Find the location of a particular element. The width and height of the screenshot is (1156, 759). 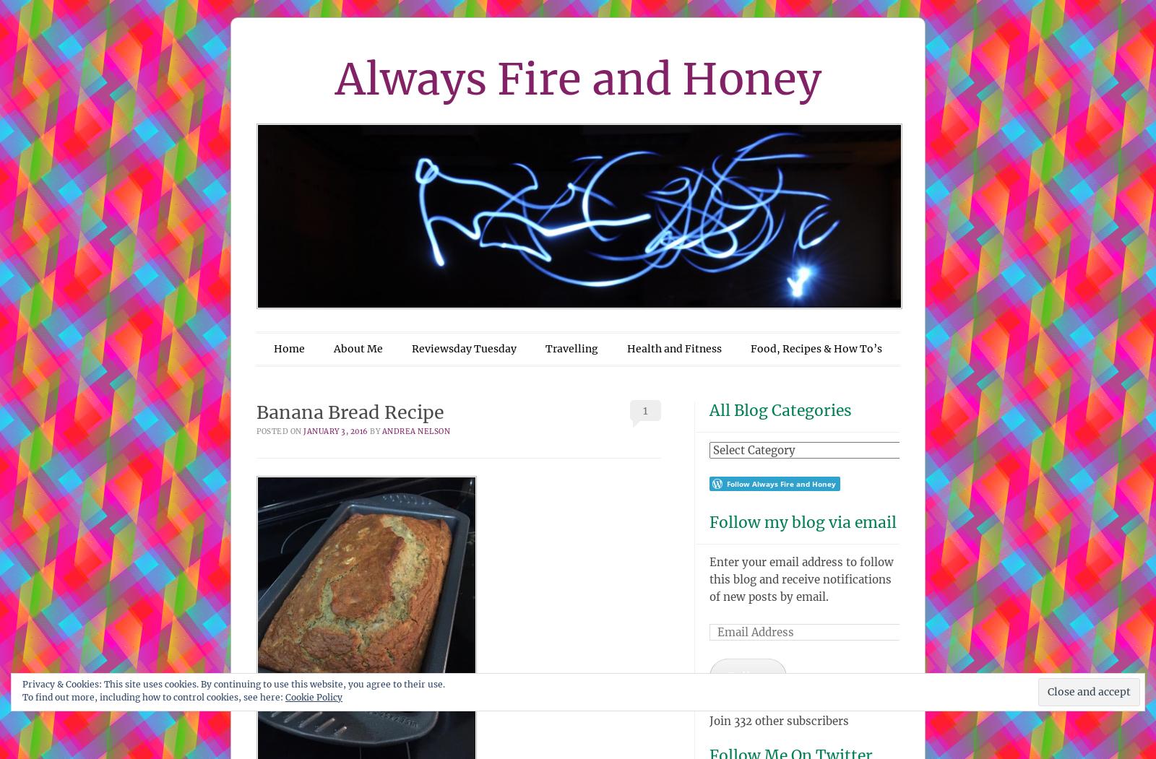

'To find out more, including how to control cookies, see here:' is located at coordinates (22, 696).